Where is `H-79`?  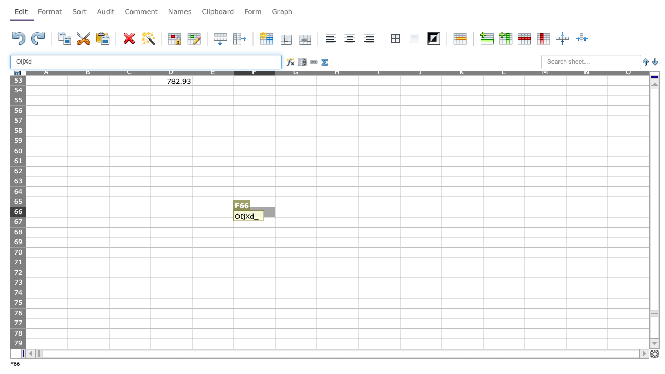
H-79 is located at coordinates (337, 343).